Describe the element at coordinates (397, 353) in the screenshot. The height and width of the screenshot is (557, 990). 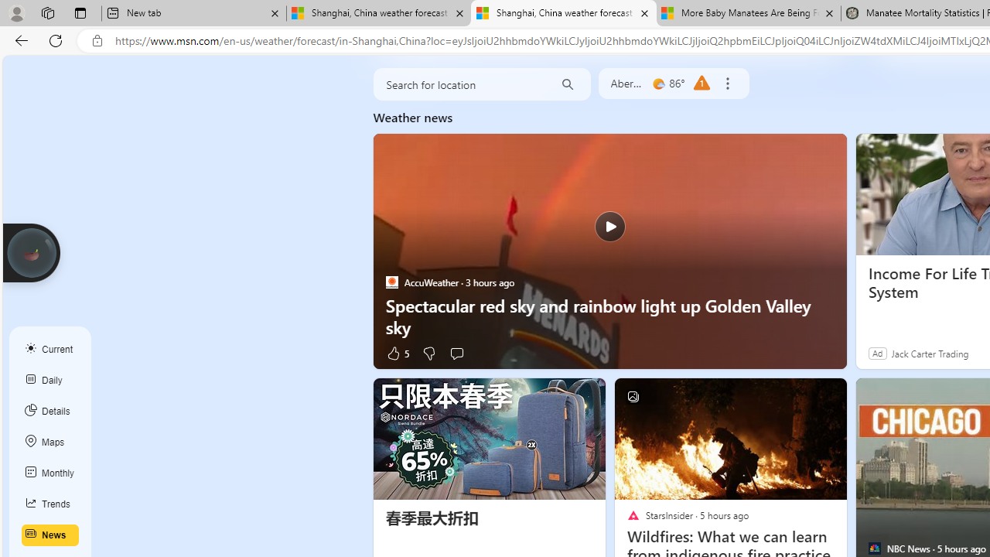
I see `'5 Like'` at that location.